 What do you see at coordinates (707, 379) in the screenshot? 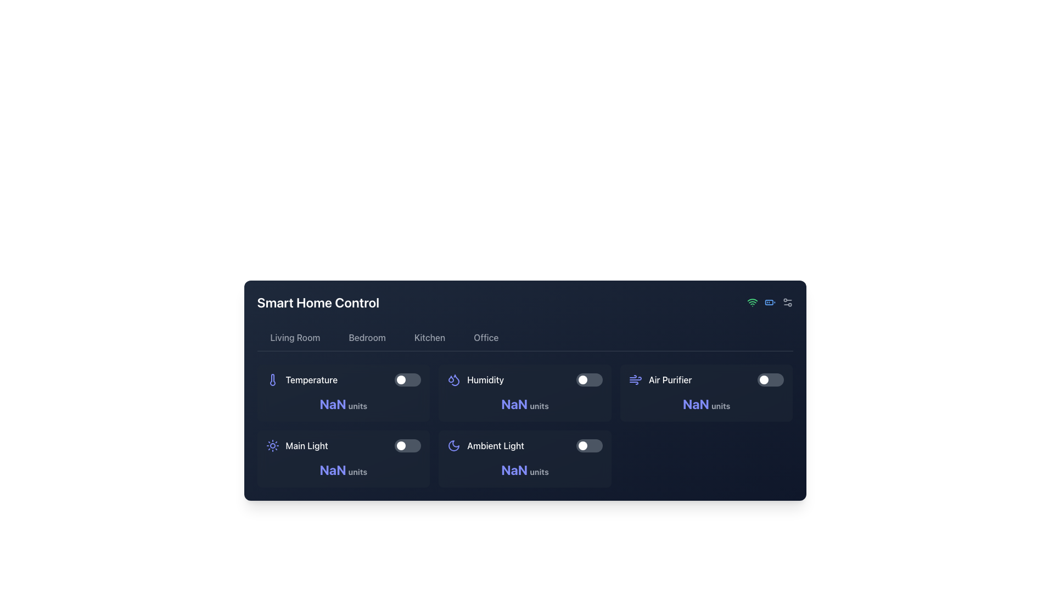
I see `the toggle control for the Air Purifier feature located in the top-right corner of the control card to change its state` at bounding box center [707, 379].